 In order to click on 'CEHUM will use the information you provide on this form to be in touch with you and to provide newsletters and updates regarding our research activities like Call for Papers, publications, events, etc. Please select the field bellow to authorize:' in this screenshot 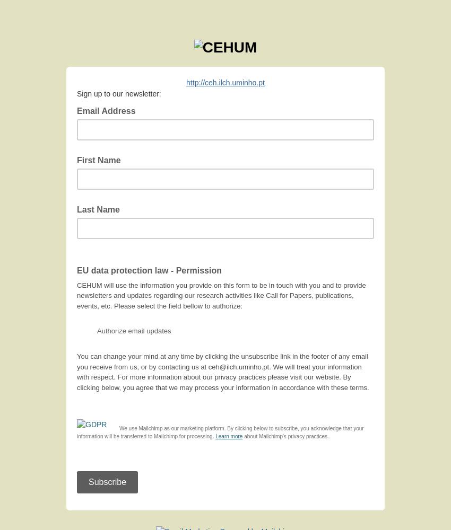, I will do `click(221, 295)`.